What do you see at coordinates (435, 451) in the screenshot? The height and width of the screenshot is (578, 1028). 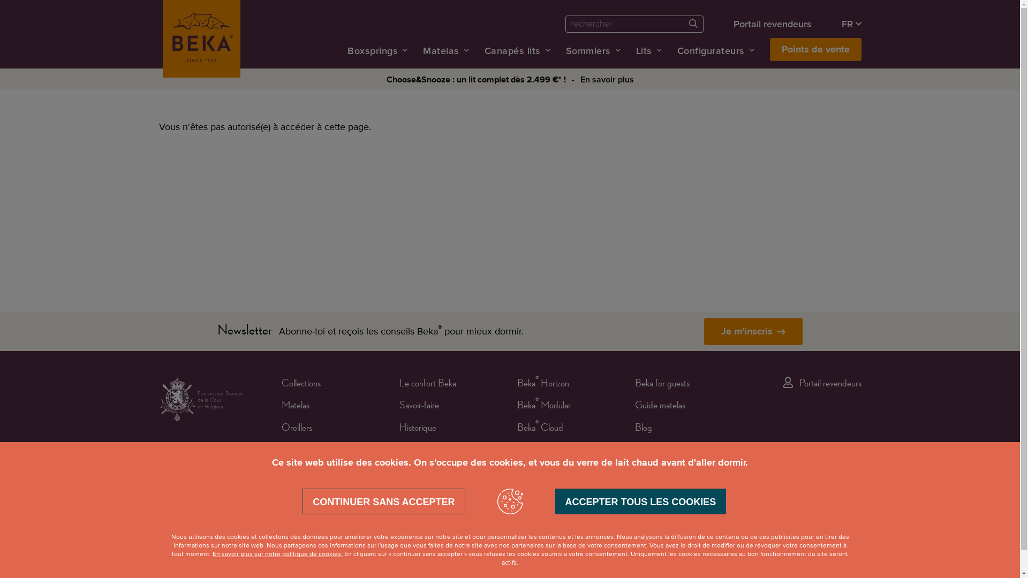 I see `'Garanties et services'` at bounding box center [435, 451].